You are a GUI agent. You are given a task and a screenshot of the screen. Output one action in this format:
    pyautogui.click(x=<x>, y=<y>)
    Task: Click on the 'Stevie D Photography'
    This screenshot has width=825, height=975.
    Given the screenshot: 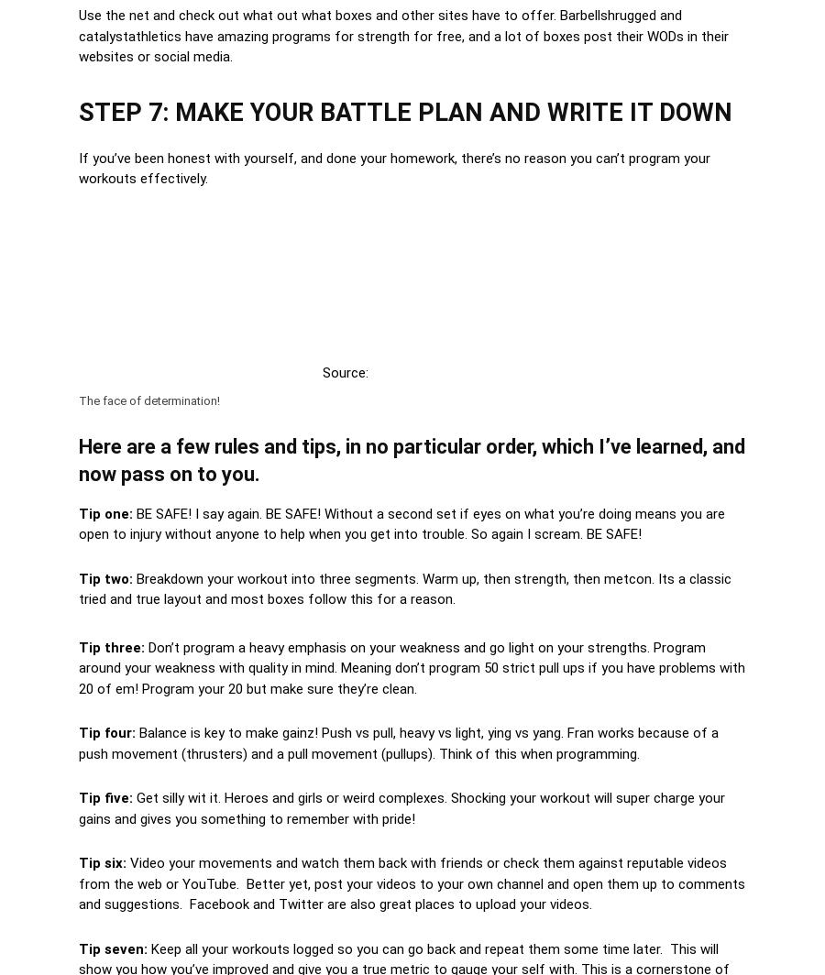 What is the action you would take?
    pyautogui.click(x=371, y=372)
    